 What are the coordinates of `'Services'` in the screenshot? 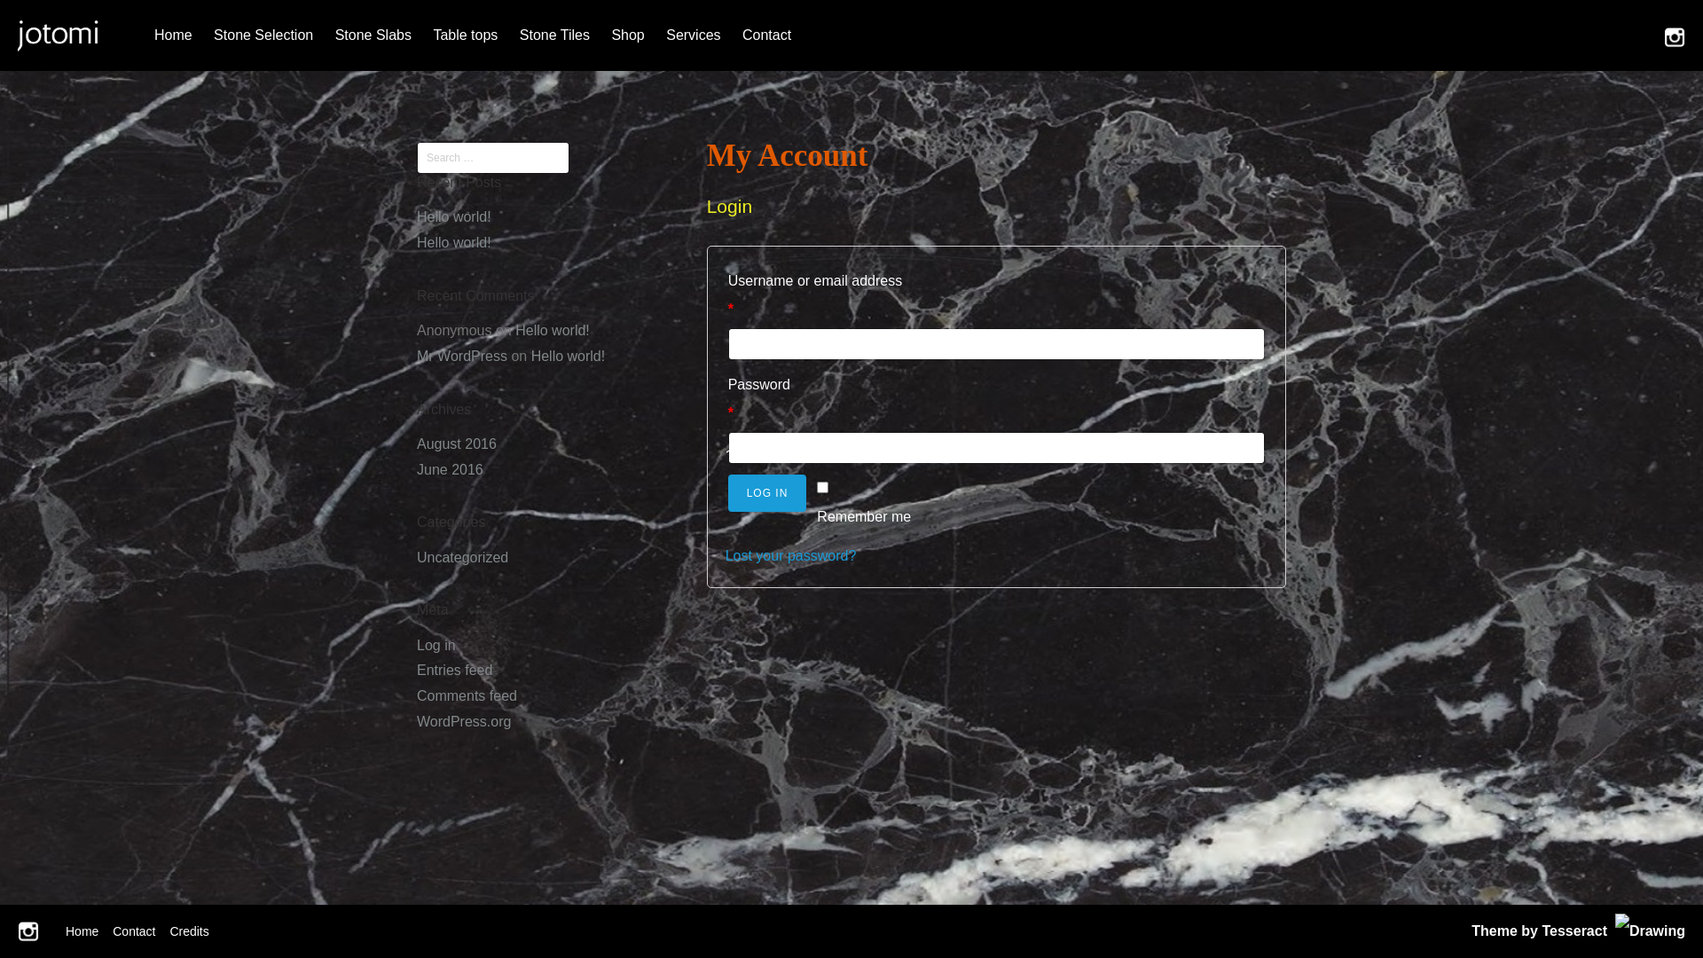 It's located at (692, 35).